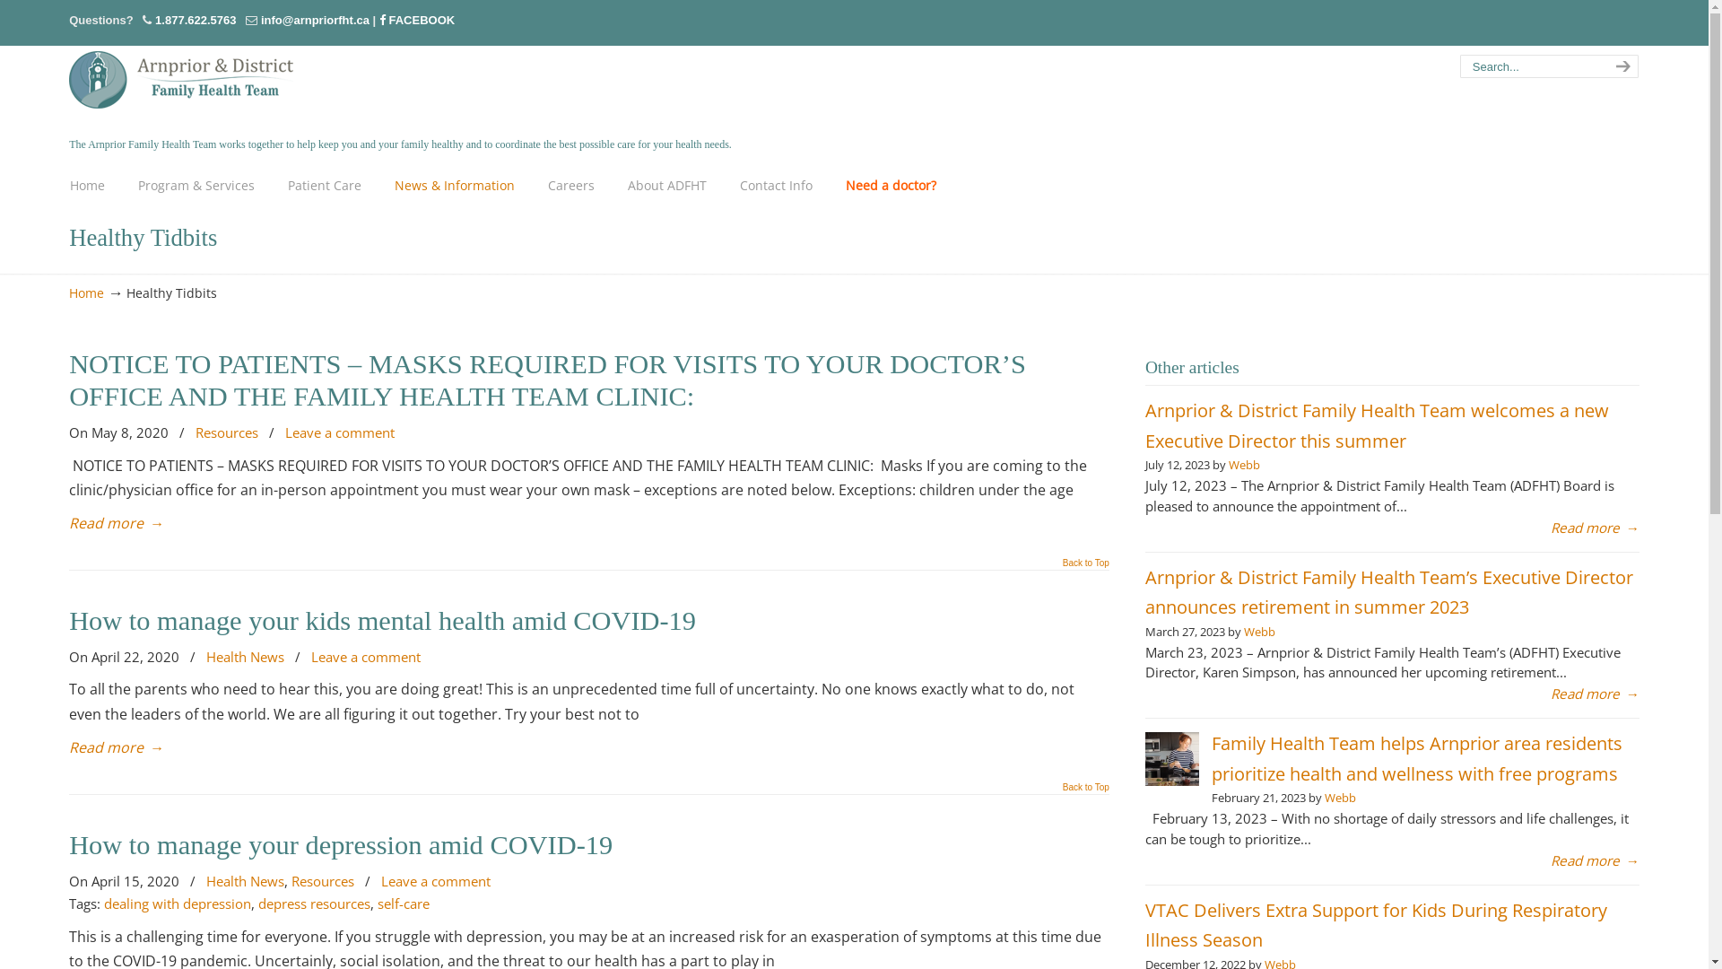 This screenshot has height=969, width=1722. I want to click on 'Leave a comment', so click(340, 432).